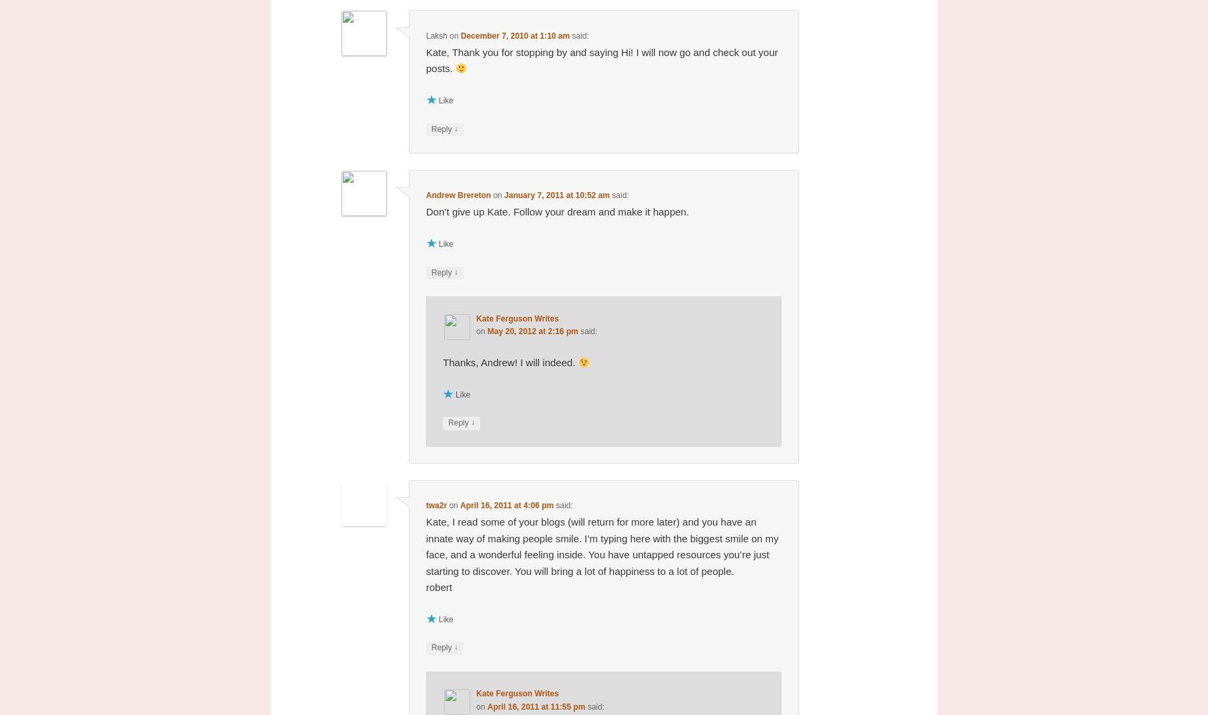 This screenshot has height=715, width=1208. What do you see at coordinates (438, 586) in the screenshot?
I see `'robert'` at bounding box center [438, 586].